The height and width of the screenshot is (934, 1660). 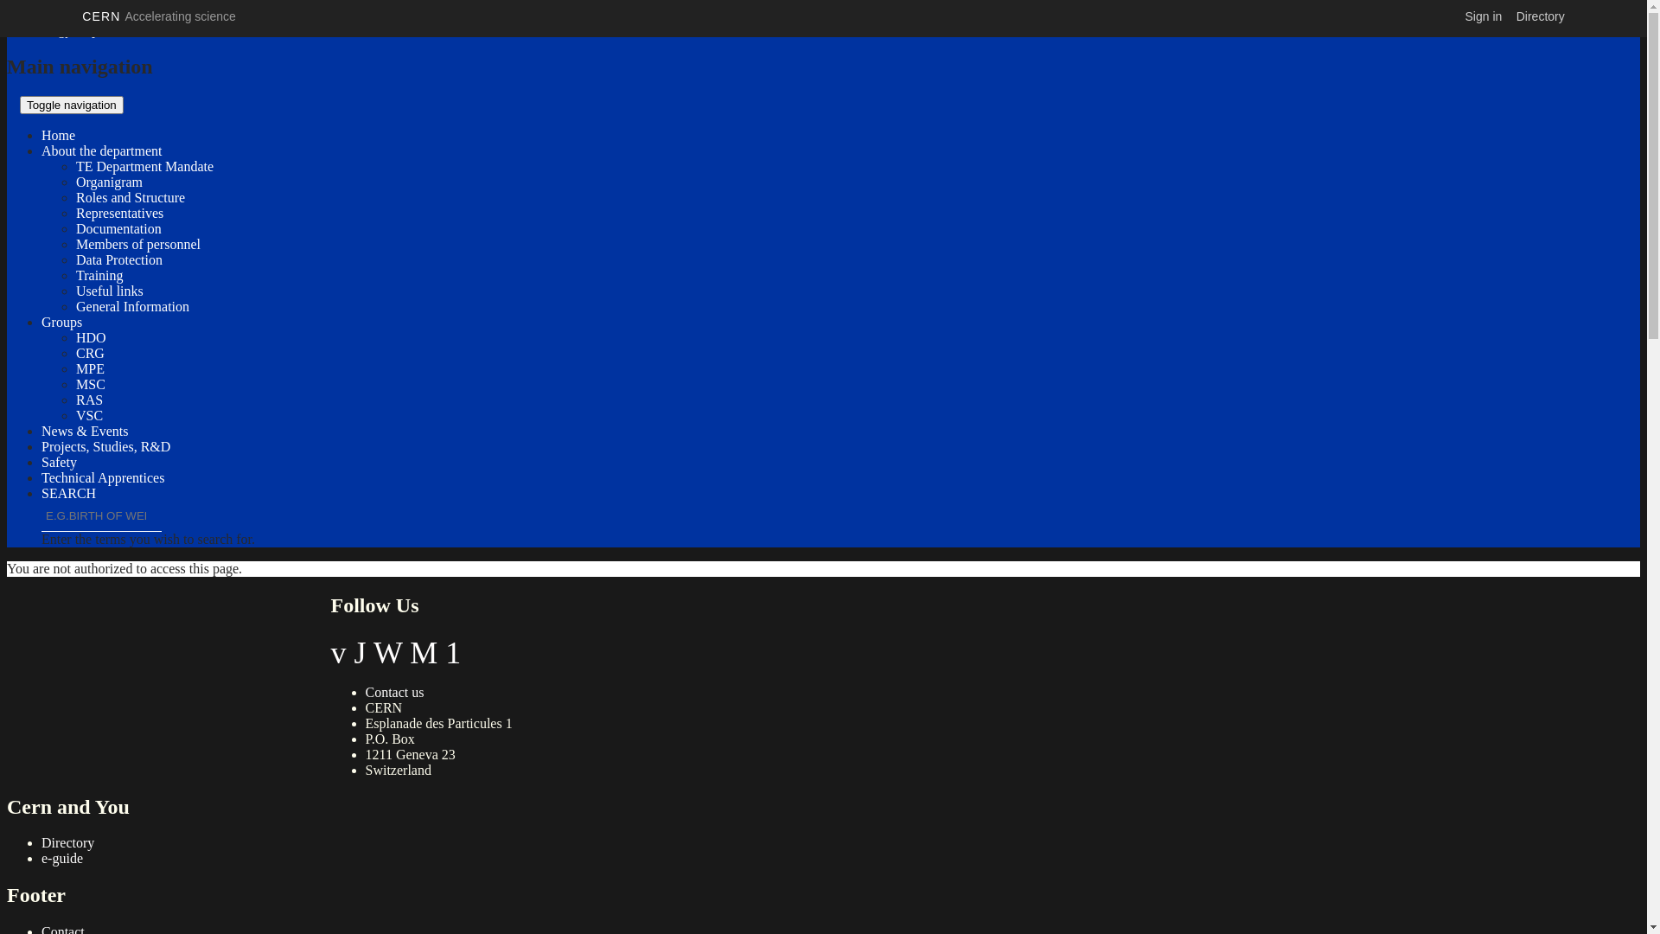 I want to click on 'Contact us', so click(x=364, y=691).